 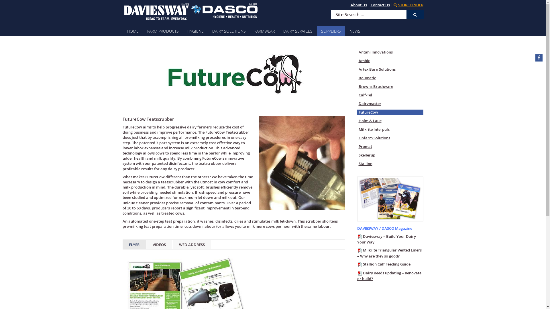 I want to click on 'FARMWEAR', so click(x=264, y=31).